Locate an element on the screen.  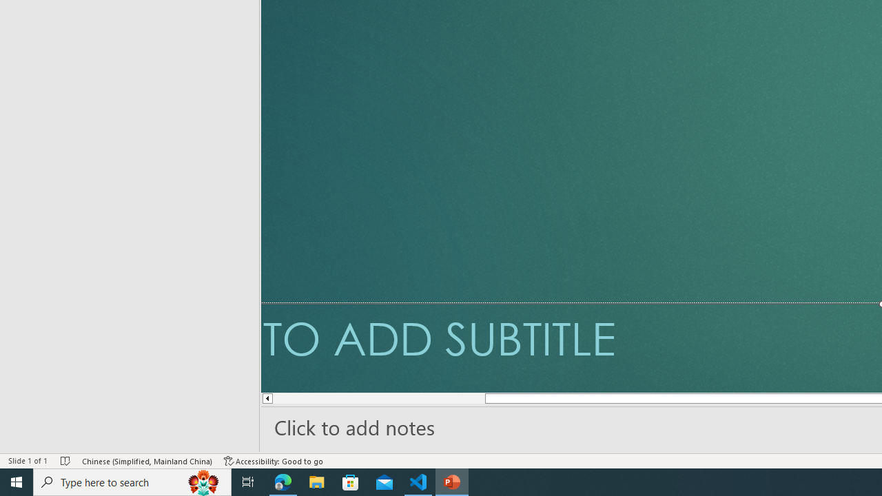
'Accessibility Checker Accessibility: Good to go' is located at coordinates (274, 461).